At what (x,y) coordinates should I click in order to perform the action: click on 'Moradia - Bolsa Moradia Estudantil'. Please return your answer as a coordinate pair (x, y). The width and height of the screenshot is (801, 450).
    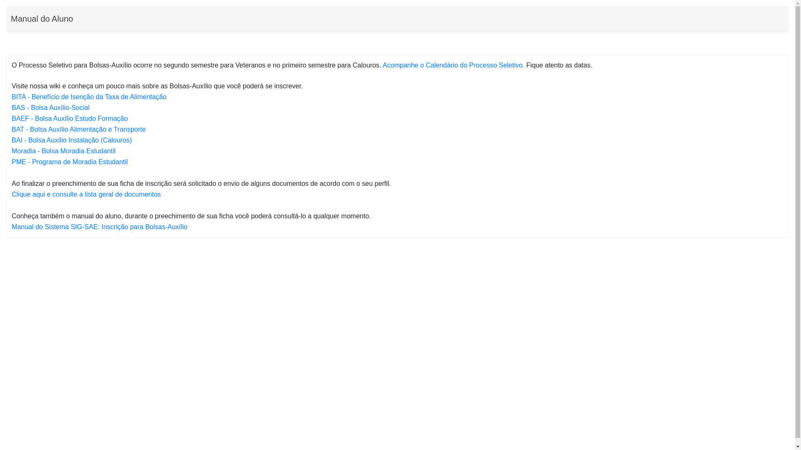
    Looking at the image, I should click on (63, 151).